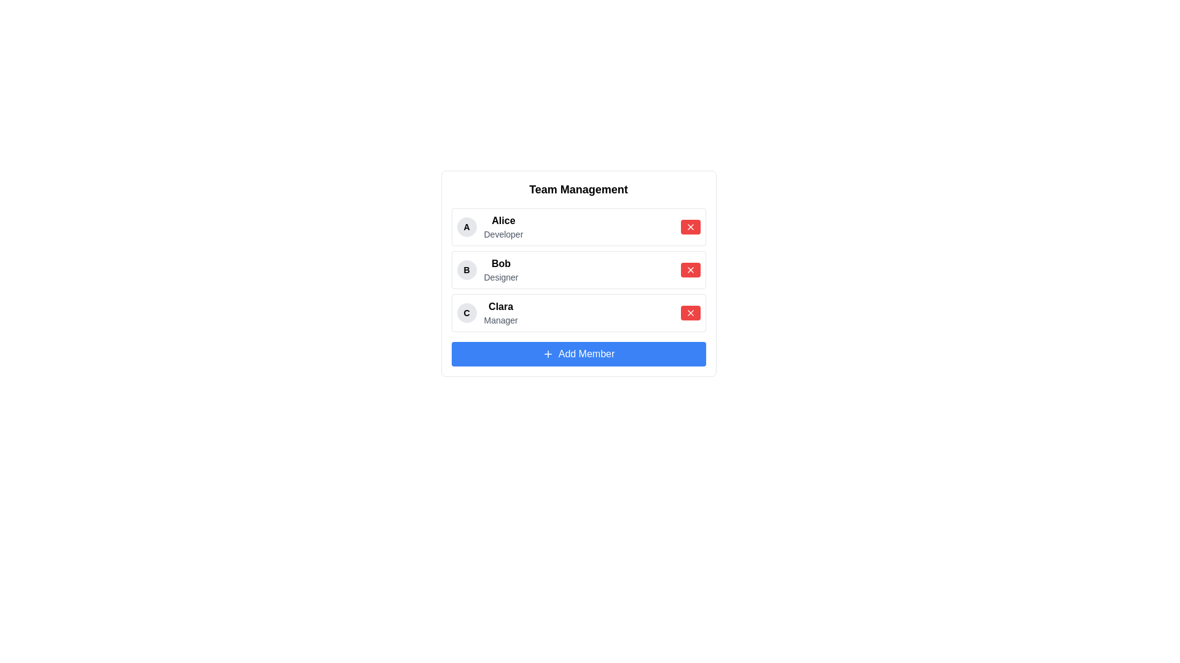  I want to click on the member entry card display for the second member in the team management interface, so click(578, 269).